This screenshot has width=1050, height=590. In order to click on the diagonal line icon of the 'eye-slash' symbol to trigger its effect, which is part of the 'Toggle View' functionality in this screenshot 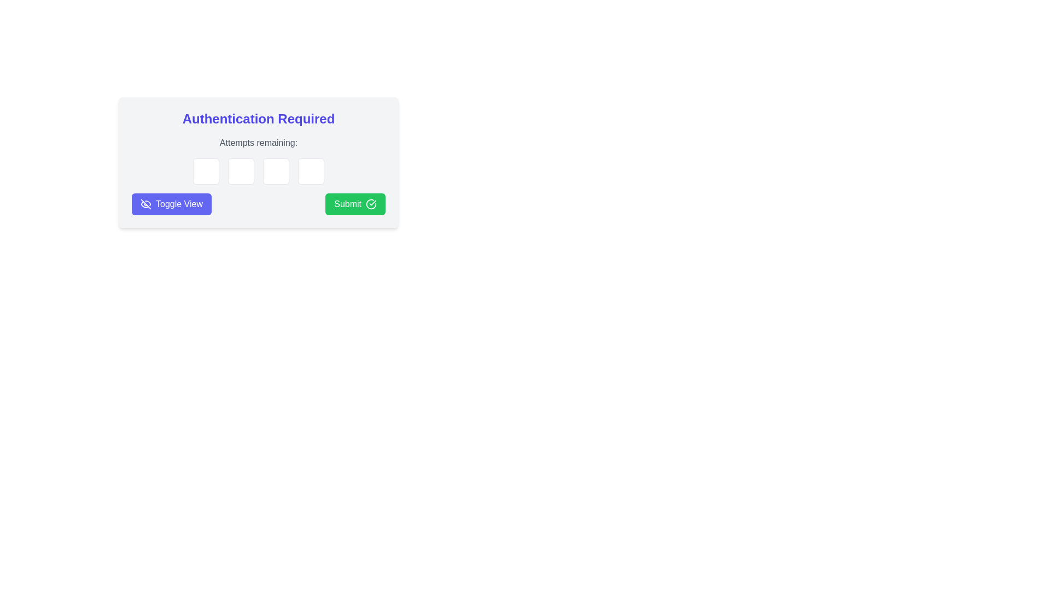, I will do `click(145, 204)`.